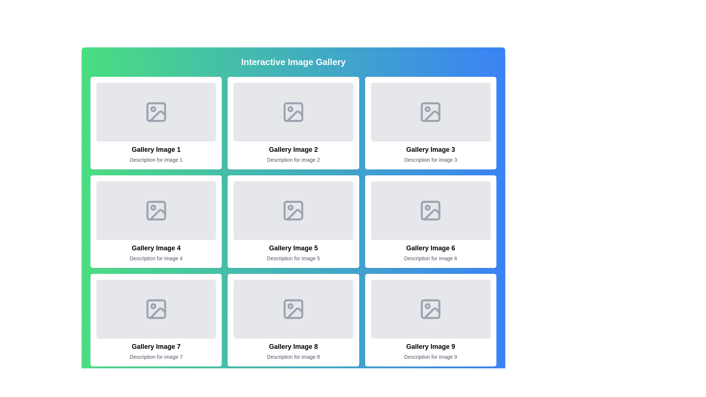  I want to click on the decorative marker within the upper-left image placeholder of the 3x3 grid, which represents a specific state or marker for 'Gallery Image 1', so click(153, 109).